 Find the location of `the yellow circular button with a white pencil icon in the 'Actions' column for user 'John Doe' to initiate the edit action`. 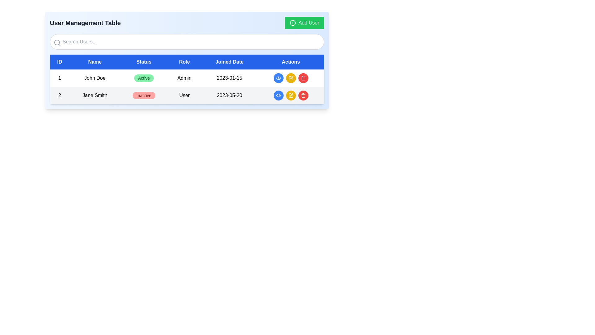

the yellow circular button with a white pencil icon in the 'Actions' column for user 'John Doe' to initiate the edit action is located at coordinates (290, 96).